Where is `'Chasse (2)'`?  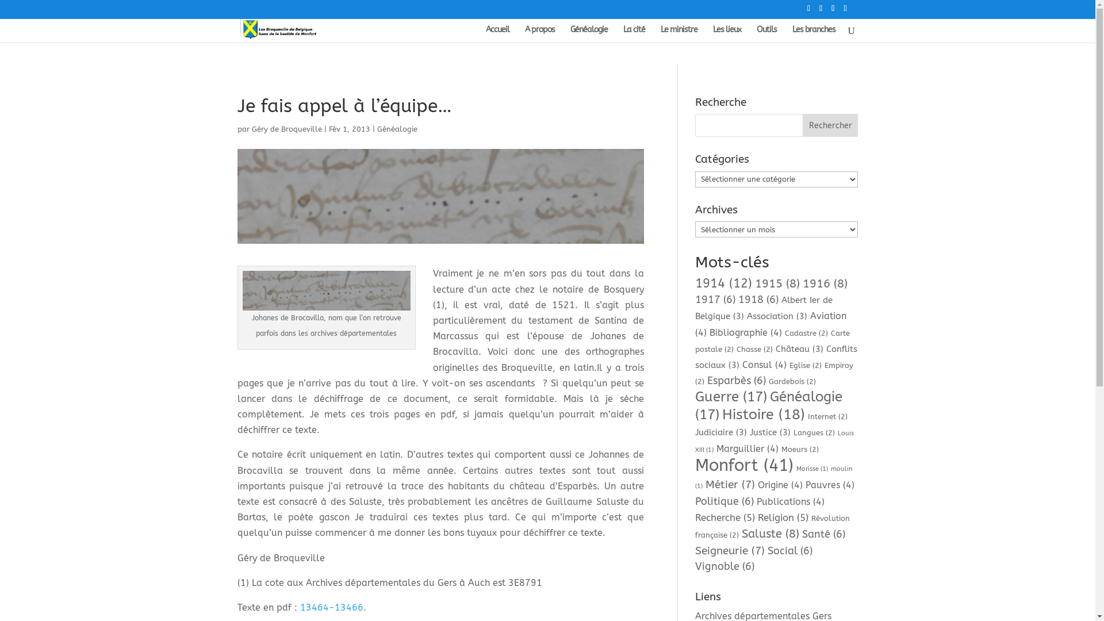 'Chasse (2)' is located at coordinates (754, 348).